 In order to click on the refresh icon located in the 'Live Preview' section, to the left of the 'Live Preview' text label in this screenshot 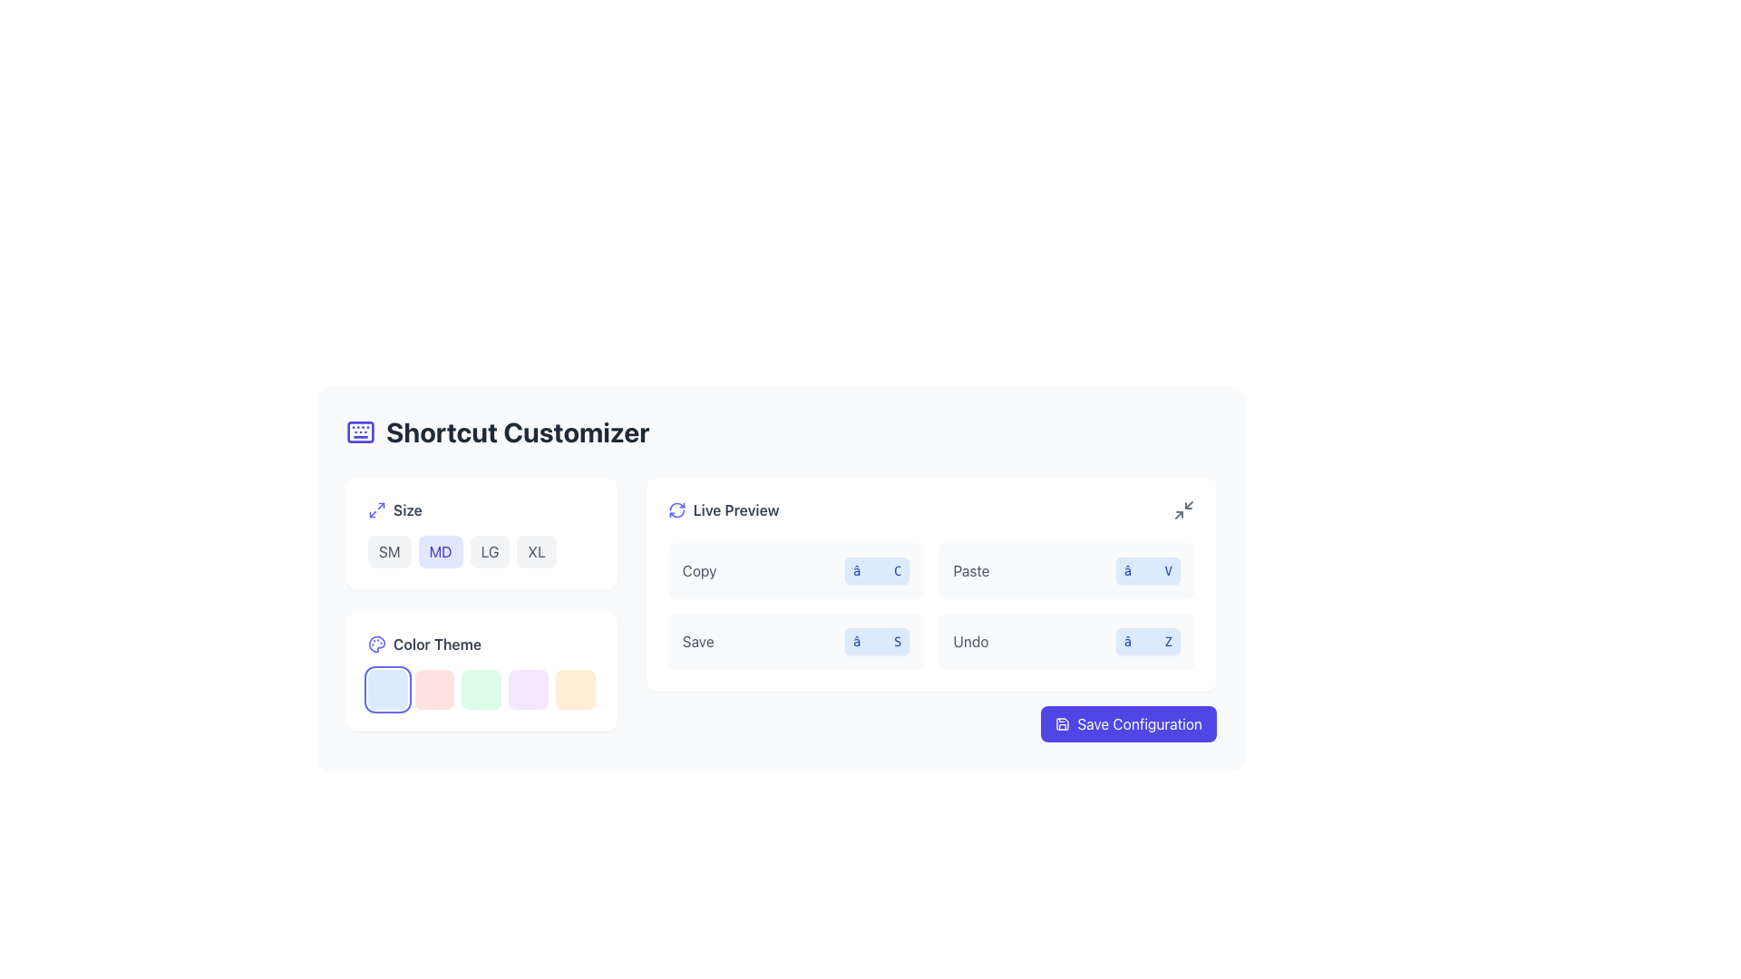, I will do `click(676, 510)`.